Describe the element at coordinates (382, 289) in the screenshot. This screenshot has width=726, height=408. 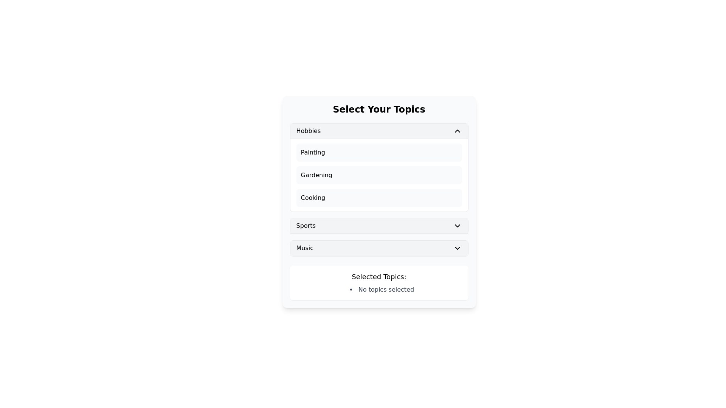
I see `the static textual indicator displaying 'No topics selected' with a gray font under the 'Selected Topics:' label` at that location.